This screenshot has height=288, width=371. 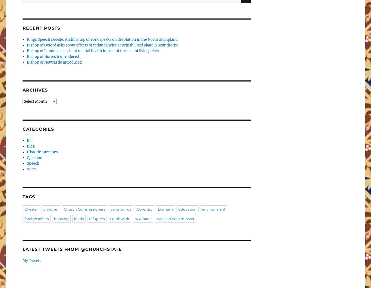 What do you see at coordinates (27, 56) in the screenshot?
I see `'Bishop of Norwich introduced'` at bounding box center [27, 56].